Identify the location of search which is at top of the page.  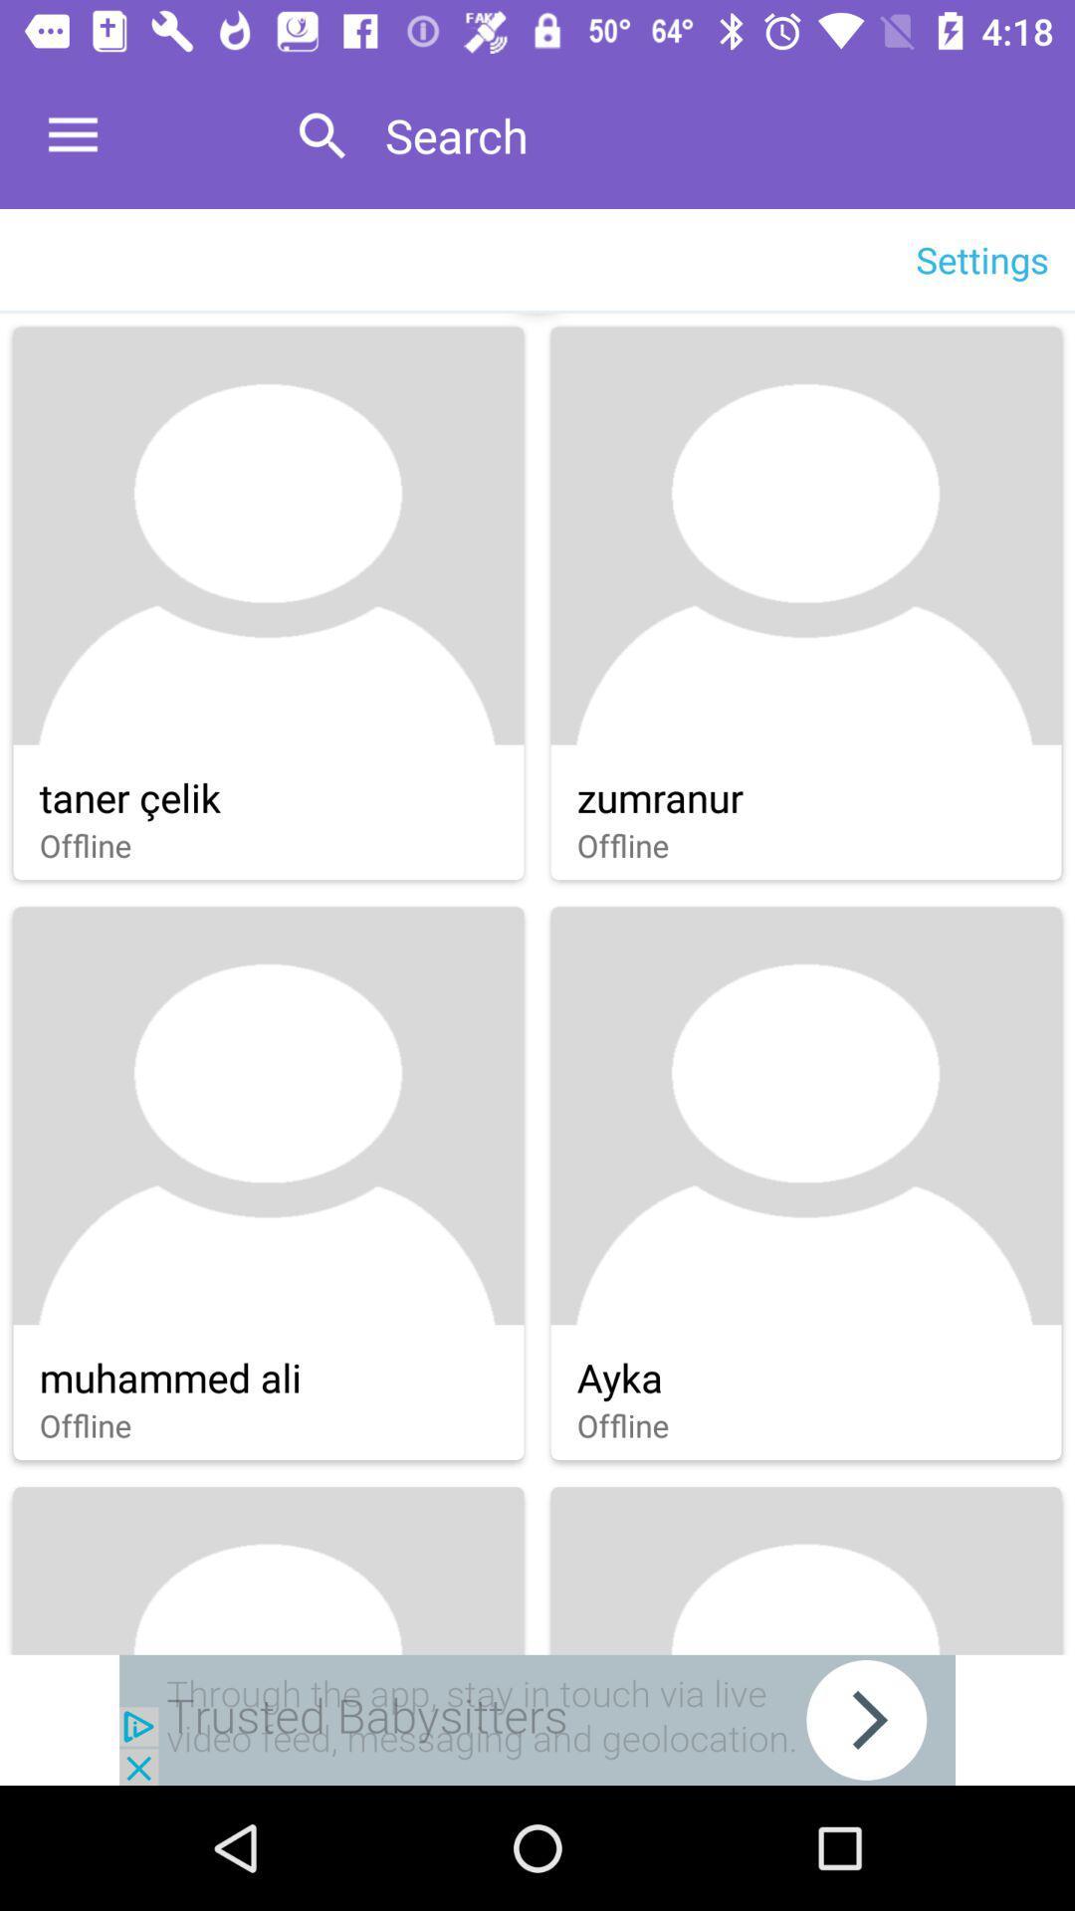
(708, 134).